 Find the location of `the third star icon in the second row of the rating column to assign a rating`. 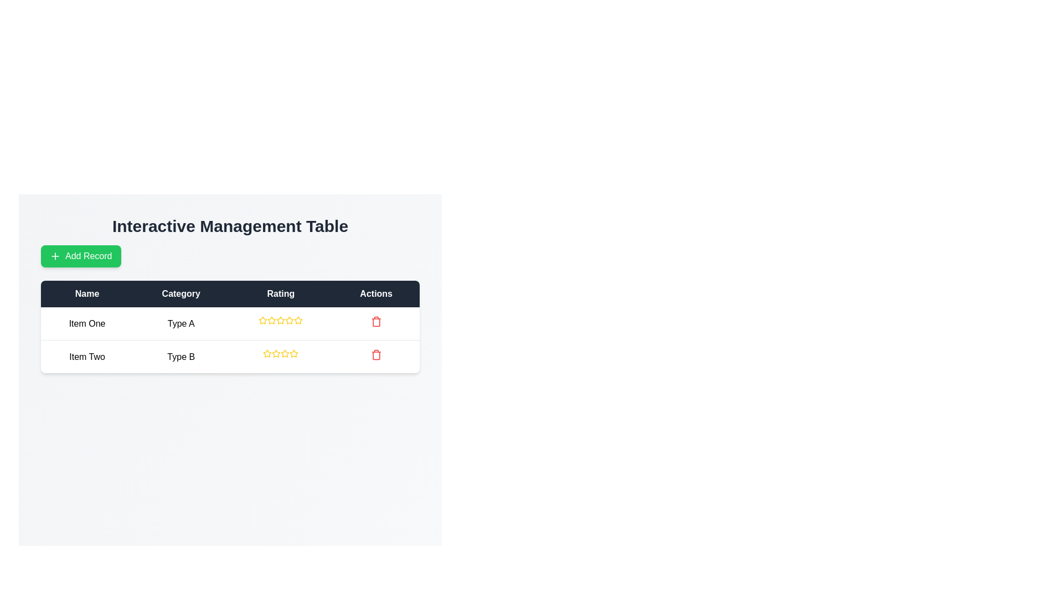

the third star icon in the second row of the rating column to assign a rating is located at coordinates (285, 353).